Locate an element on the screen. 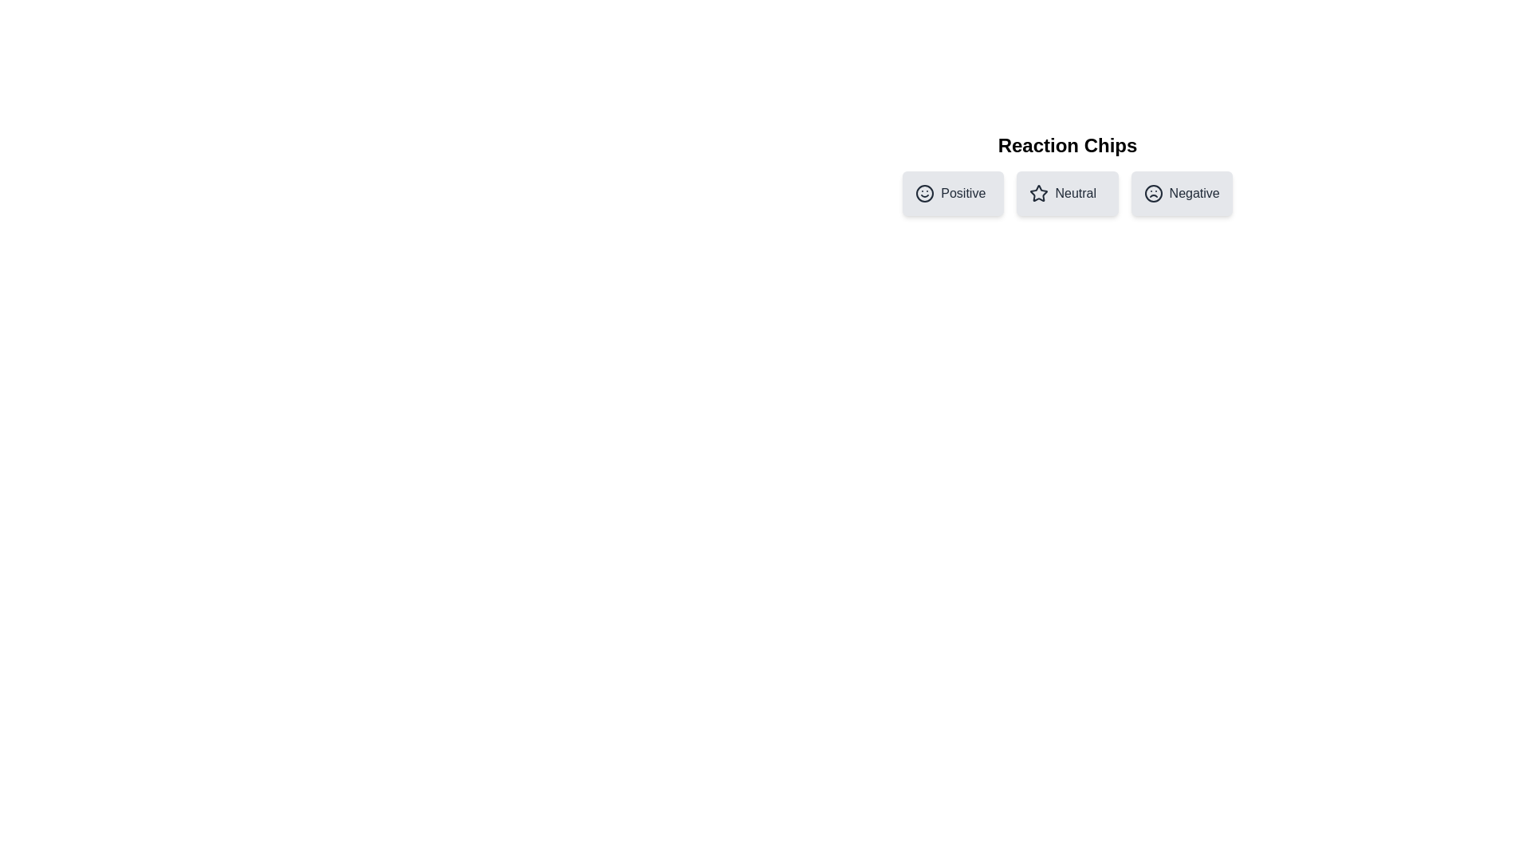 The image size is (1531, 861). the chip labeled Negative to preview its hover effect is located at coordinates (1182, 193).